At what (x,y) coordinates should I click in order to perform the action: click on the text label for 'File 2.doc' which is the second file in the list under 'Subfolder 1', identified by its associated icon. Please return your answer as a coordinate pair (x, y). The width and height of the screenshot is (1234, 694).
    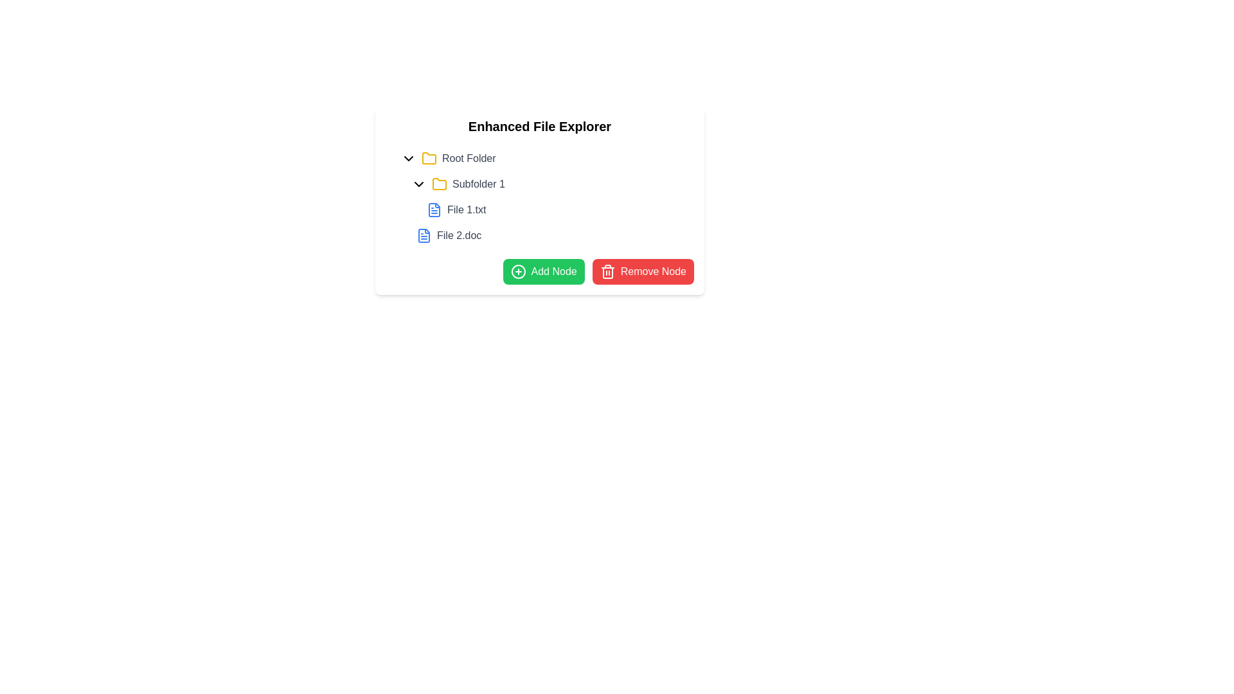
    Looking at the image, I should click on (459, 235).